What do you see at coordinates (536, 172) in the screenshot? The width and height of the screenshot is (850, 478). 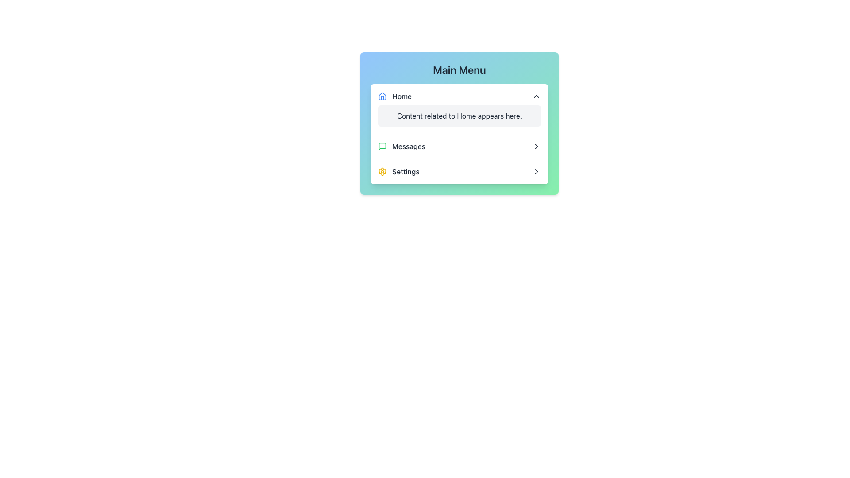 I see `the chevron icon located at the far-right end of the 'Settings' row in the menu` at bounding box center [536, 172].